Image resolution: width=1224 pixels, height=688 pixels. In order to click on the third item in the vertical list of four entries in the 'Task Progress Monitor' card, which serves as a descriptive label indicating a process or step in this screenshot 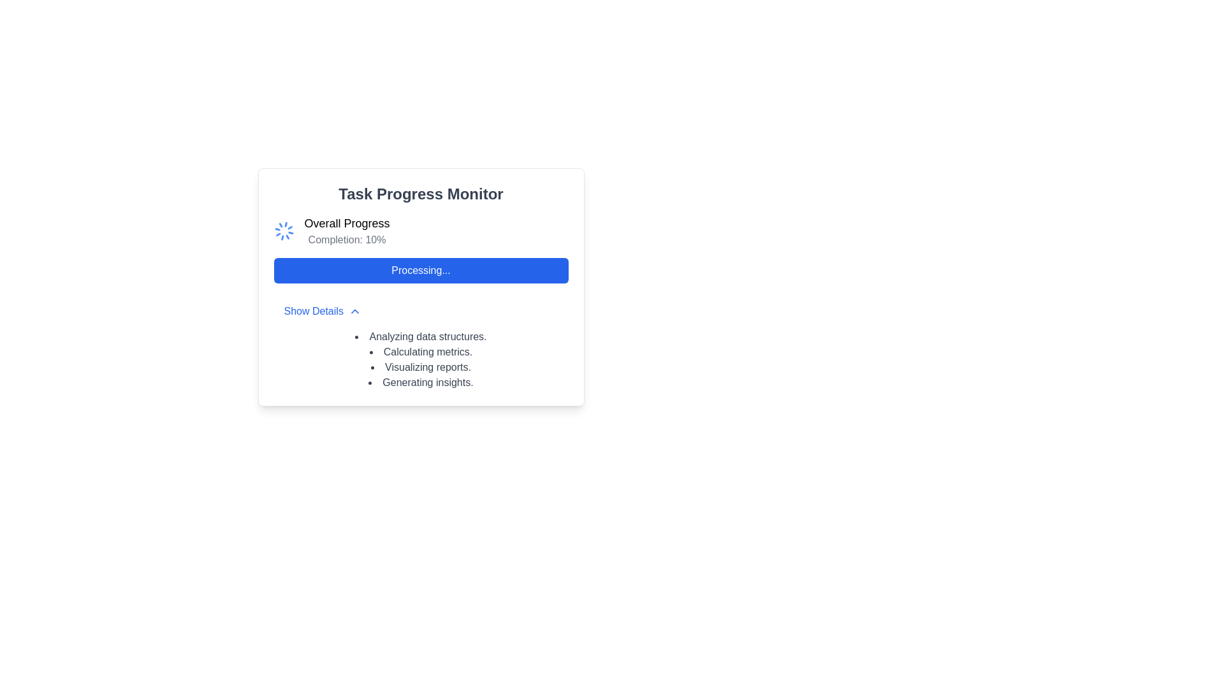, I will do `click(421, 368)`.